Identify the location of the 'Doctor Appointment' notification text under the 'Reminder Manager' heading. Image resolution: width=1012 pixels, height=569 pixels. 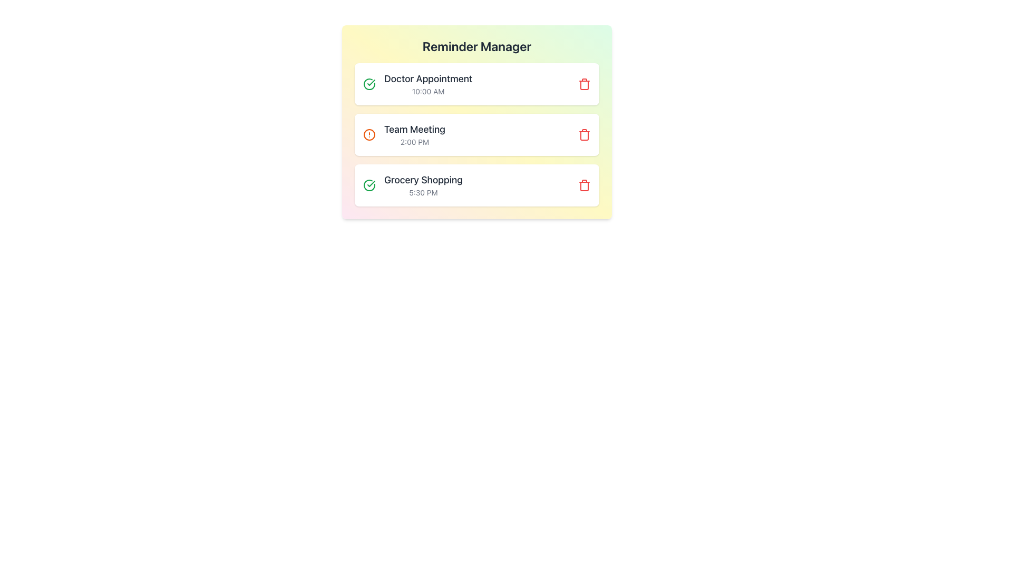
(417, 83).